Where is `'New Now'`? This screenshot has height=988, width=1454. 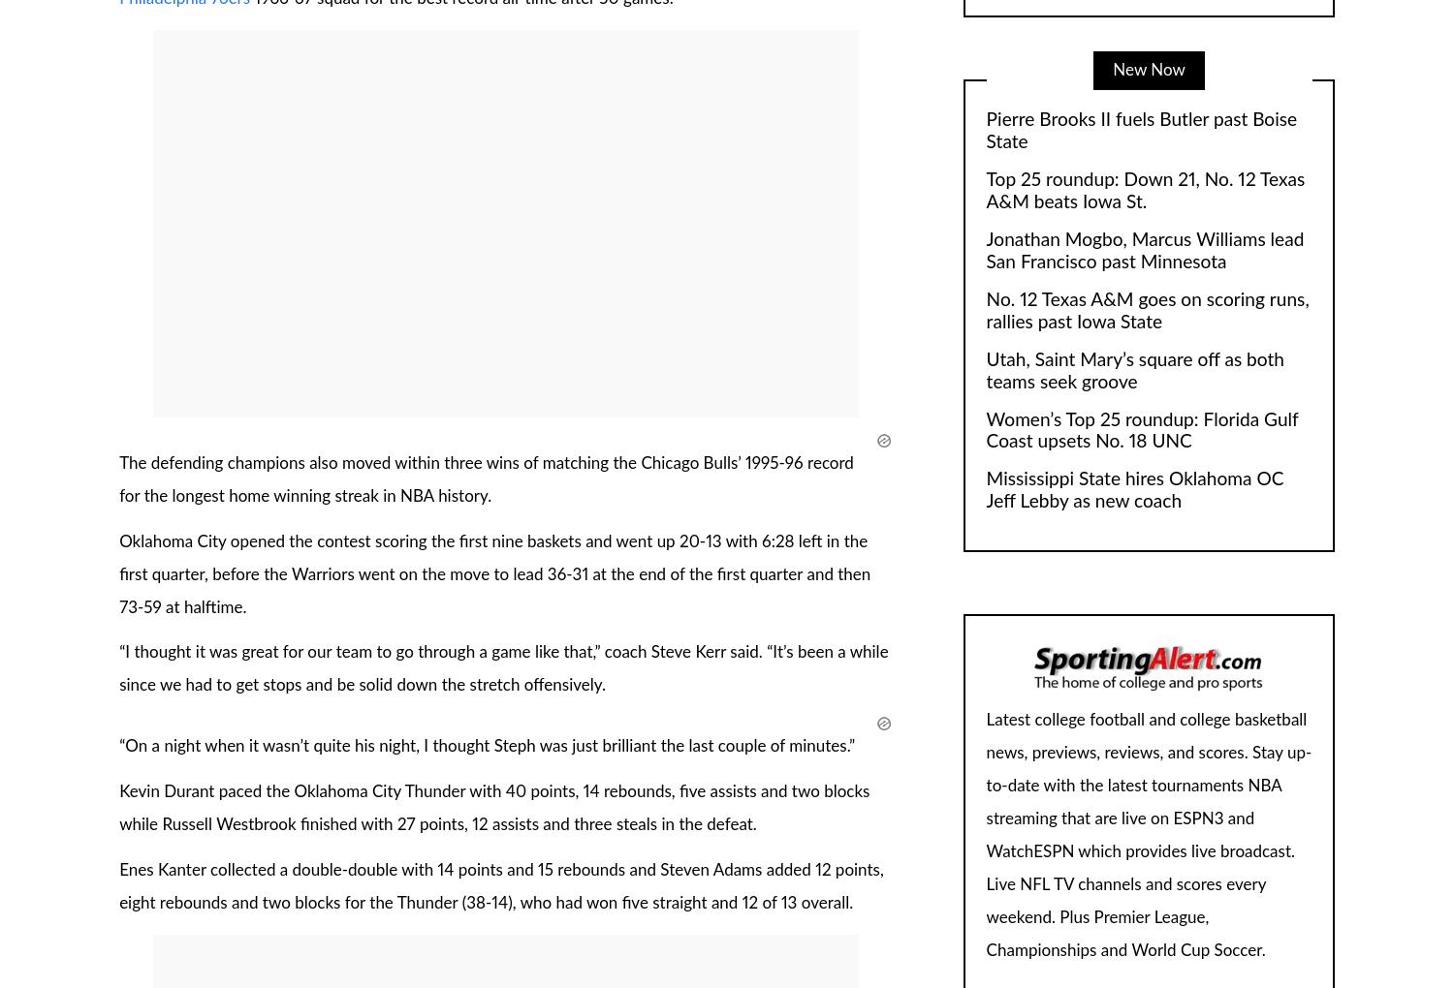
'New Now' is located at coordinates (1149, 70).